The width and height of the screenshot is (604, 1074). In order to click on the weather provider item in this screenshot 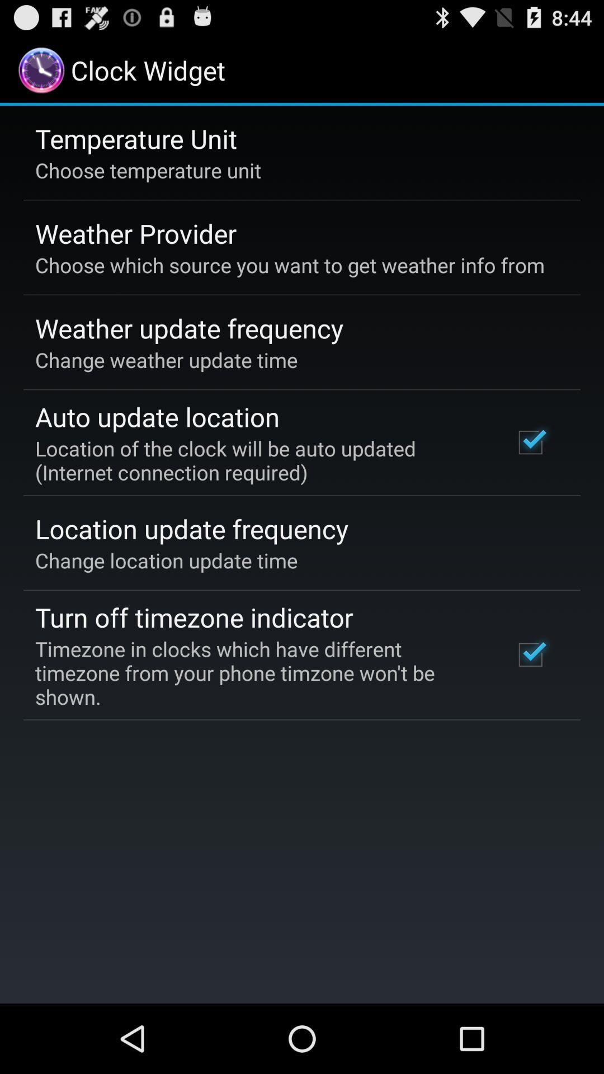, I will do `click(135, 233)`.